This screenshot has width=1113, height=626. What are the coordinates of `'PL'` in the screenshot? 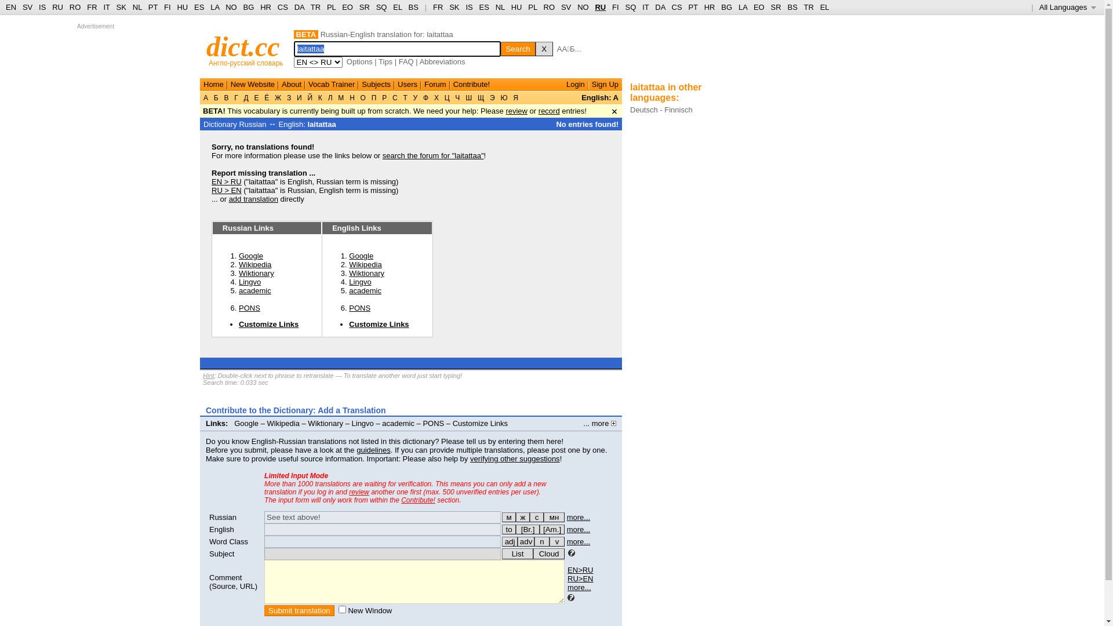 It's located at (326, 7).